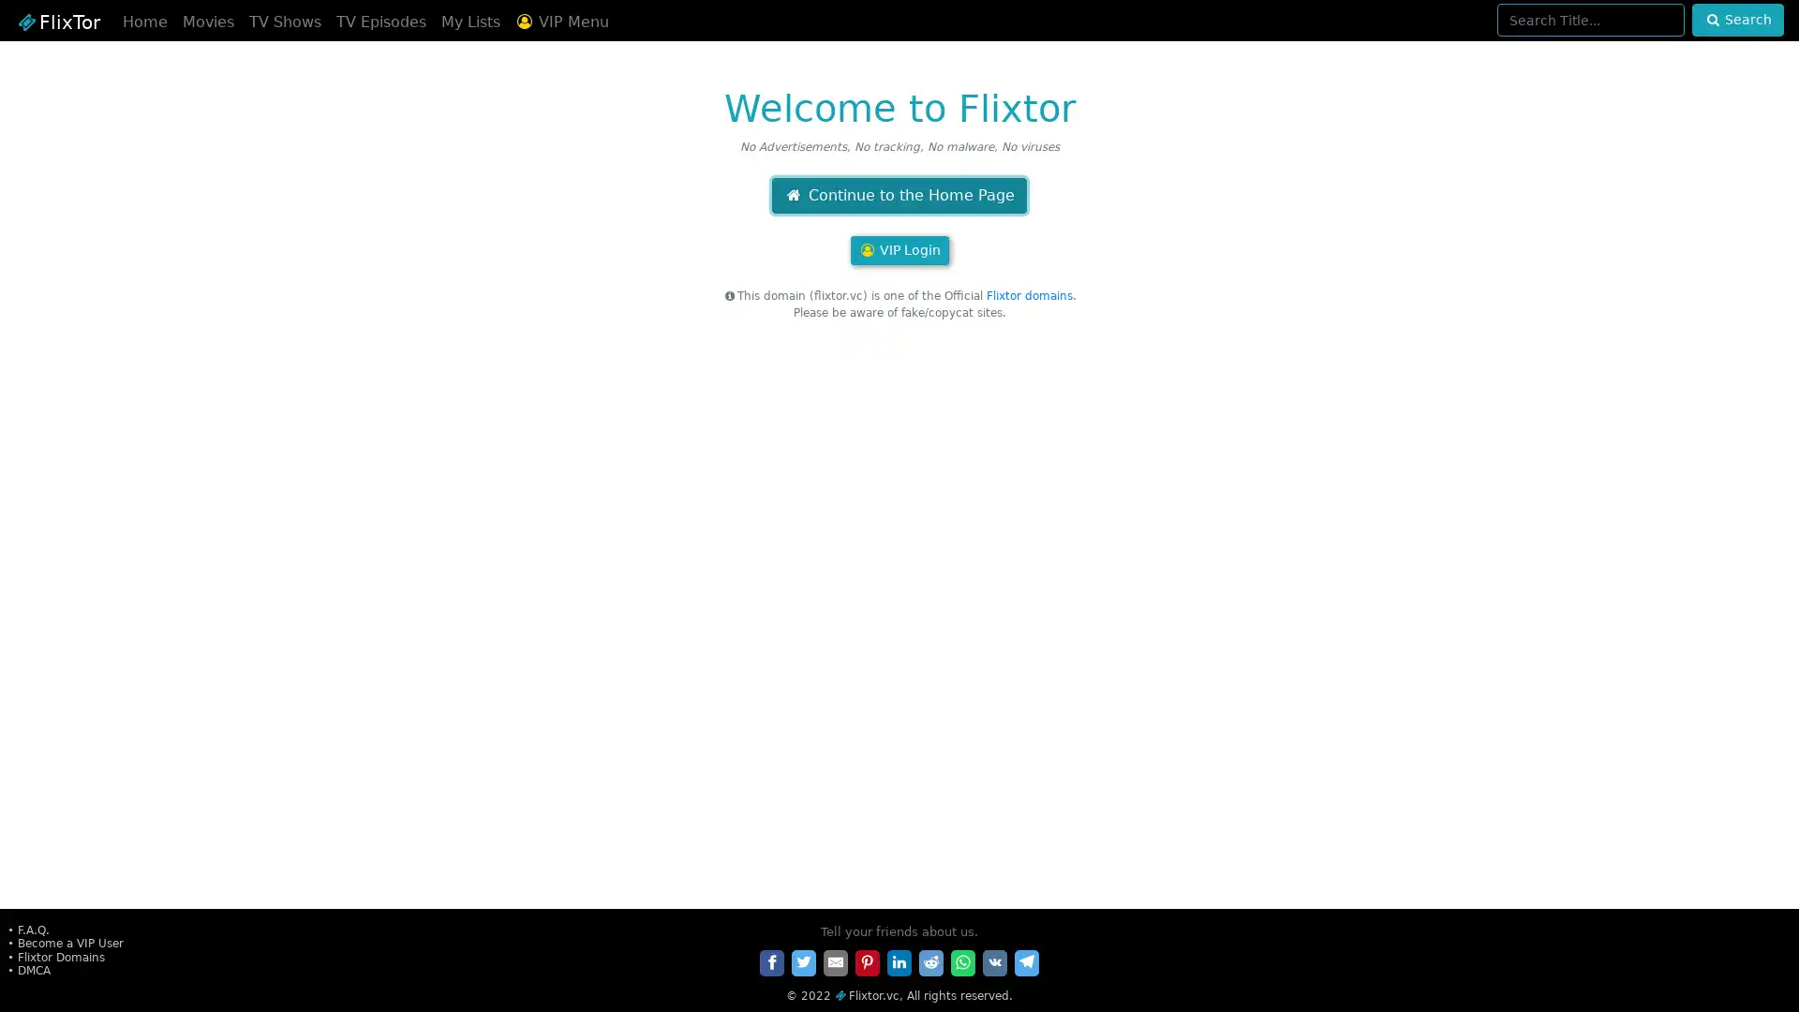 This screenshot has height=1012, width=1799. Describe the element at coordinates (560, 22) in the screenshot. I see `VIP Menu` at that location.